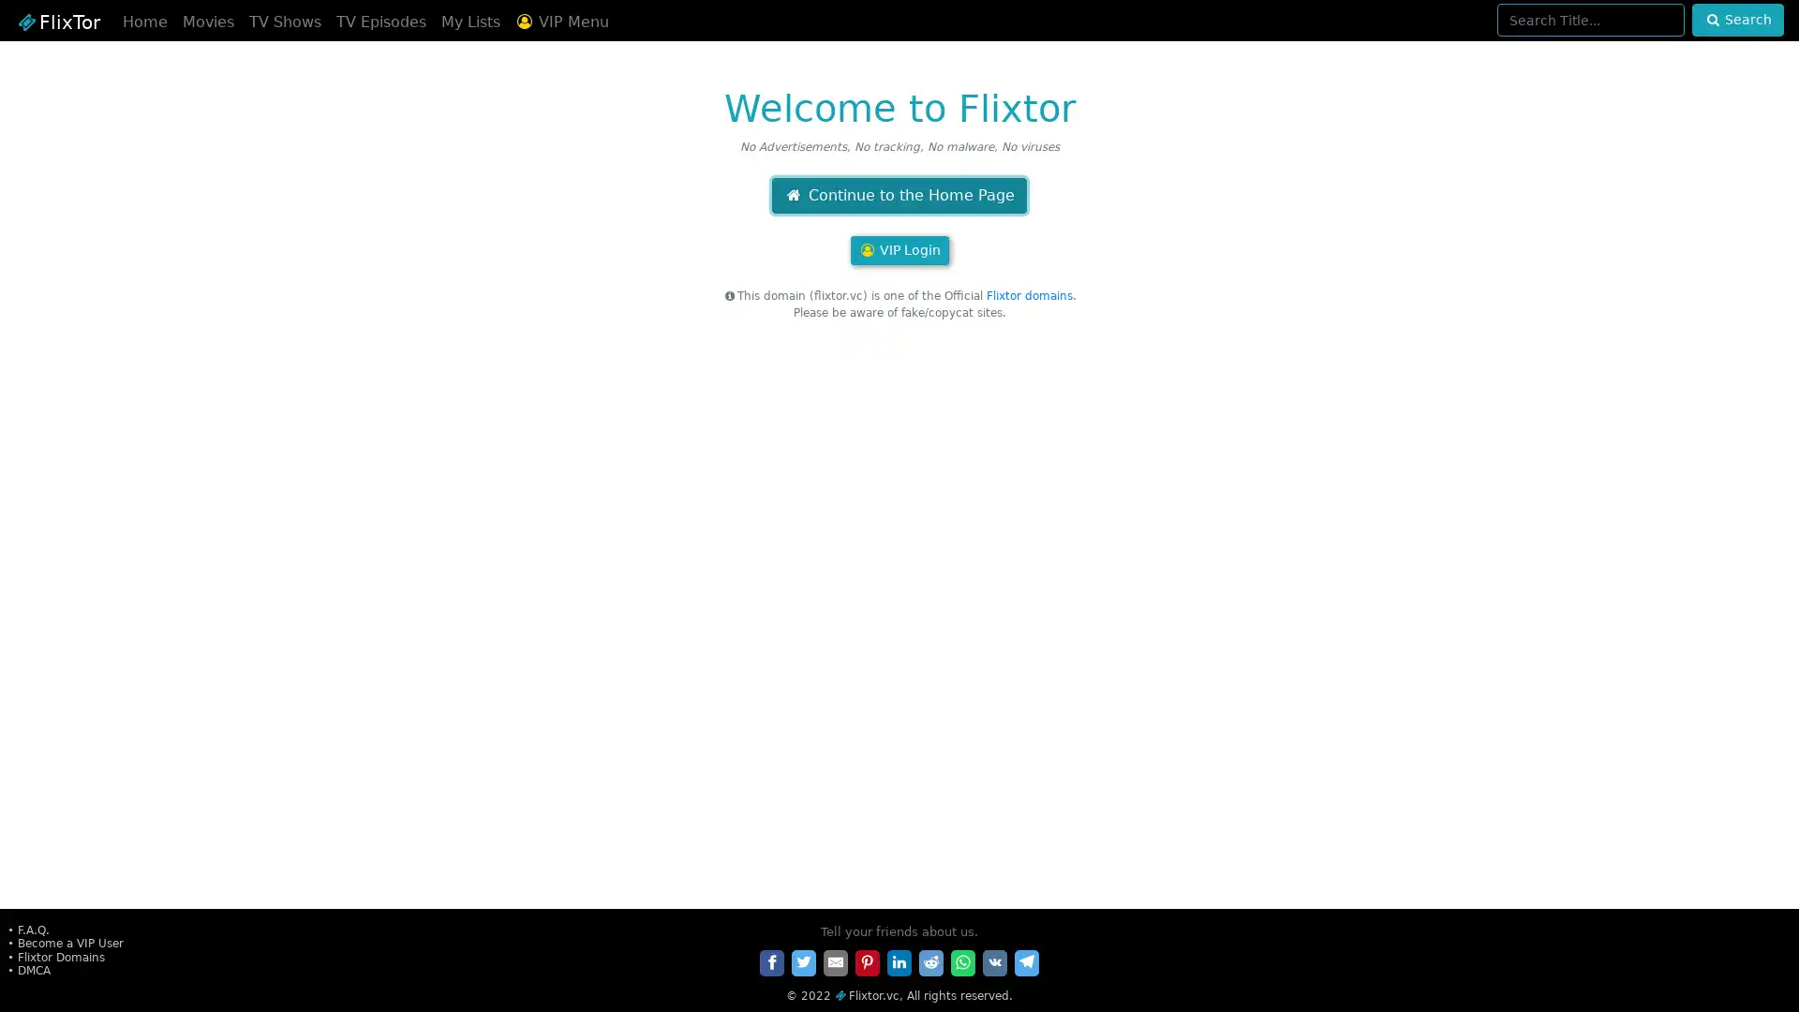 This screenshot has height=1012, width=1799. Describe the element at coordinates (560, 22) in the screenshot. I see `VIP Menu` at that location.